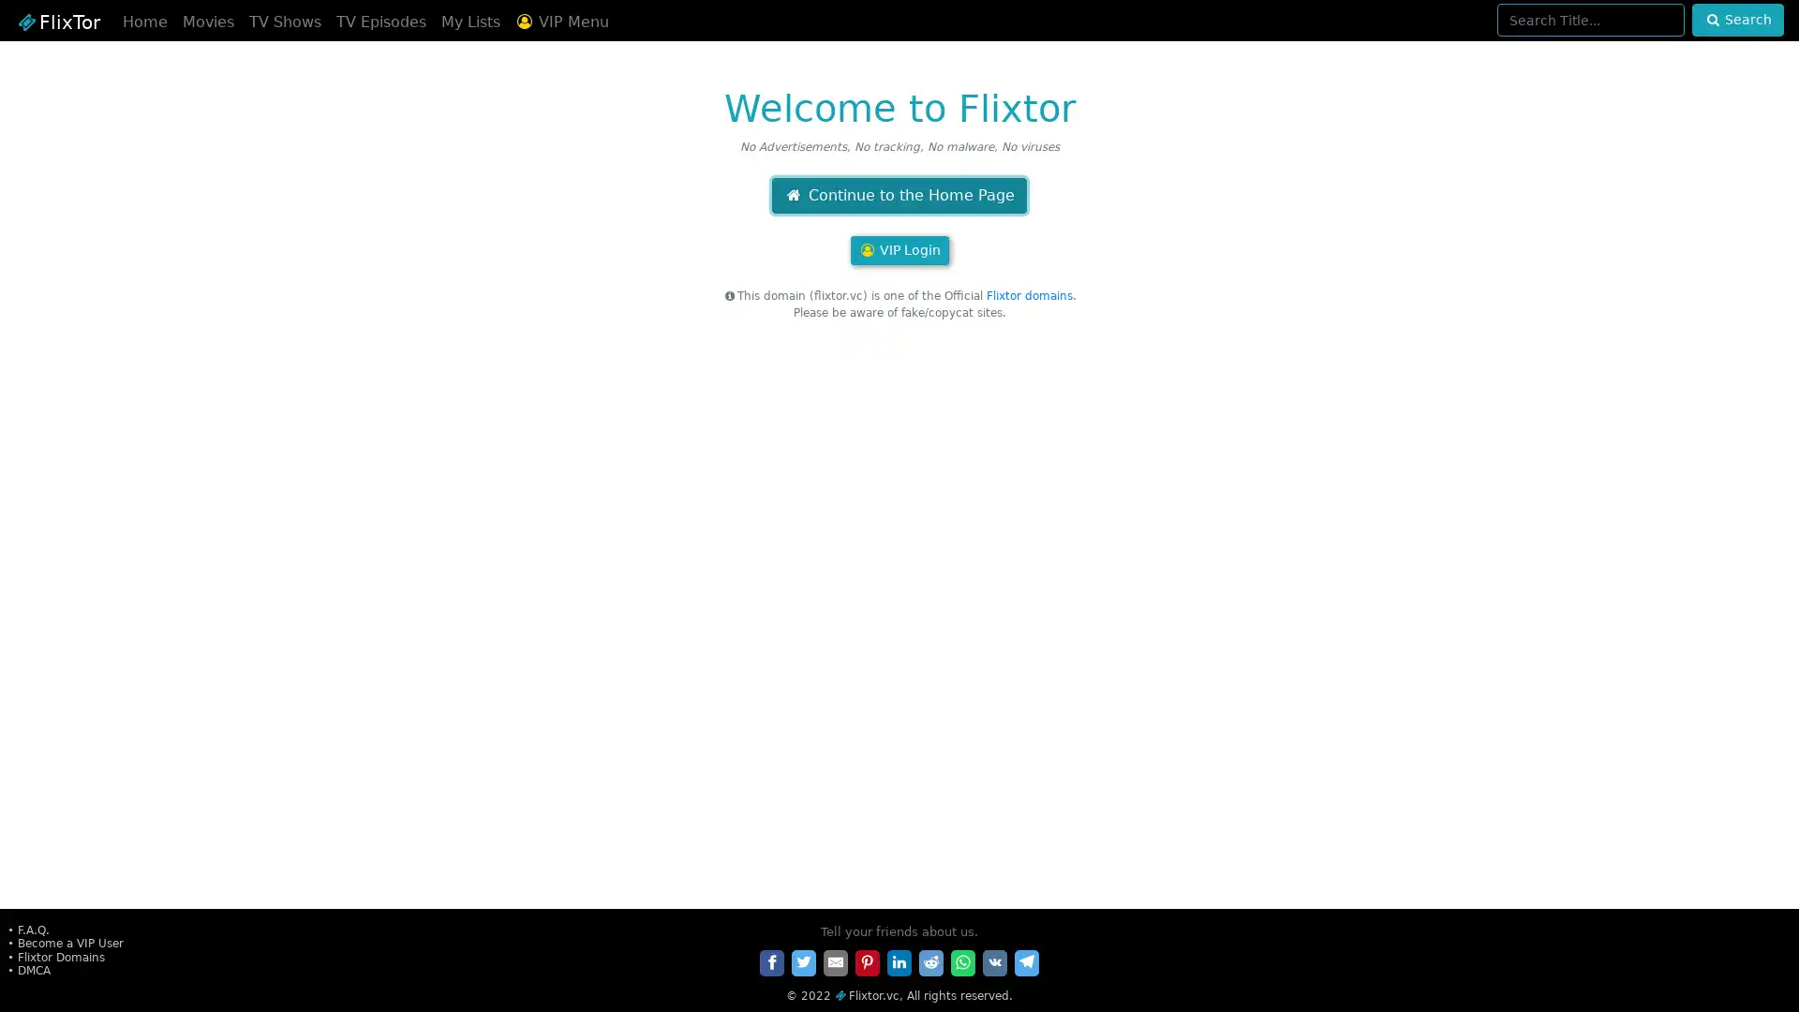 This screenshot has height=1012, width=1799. Describe the element at coordinates (560, 22) in the screenshot. I see `VIP Menu` at that location.